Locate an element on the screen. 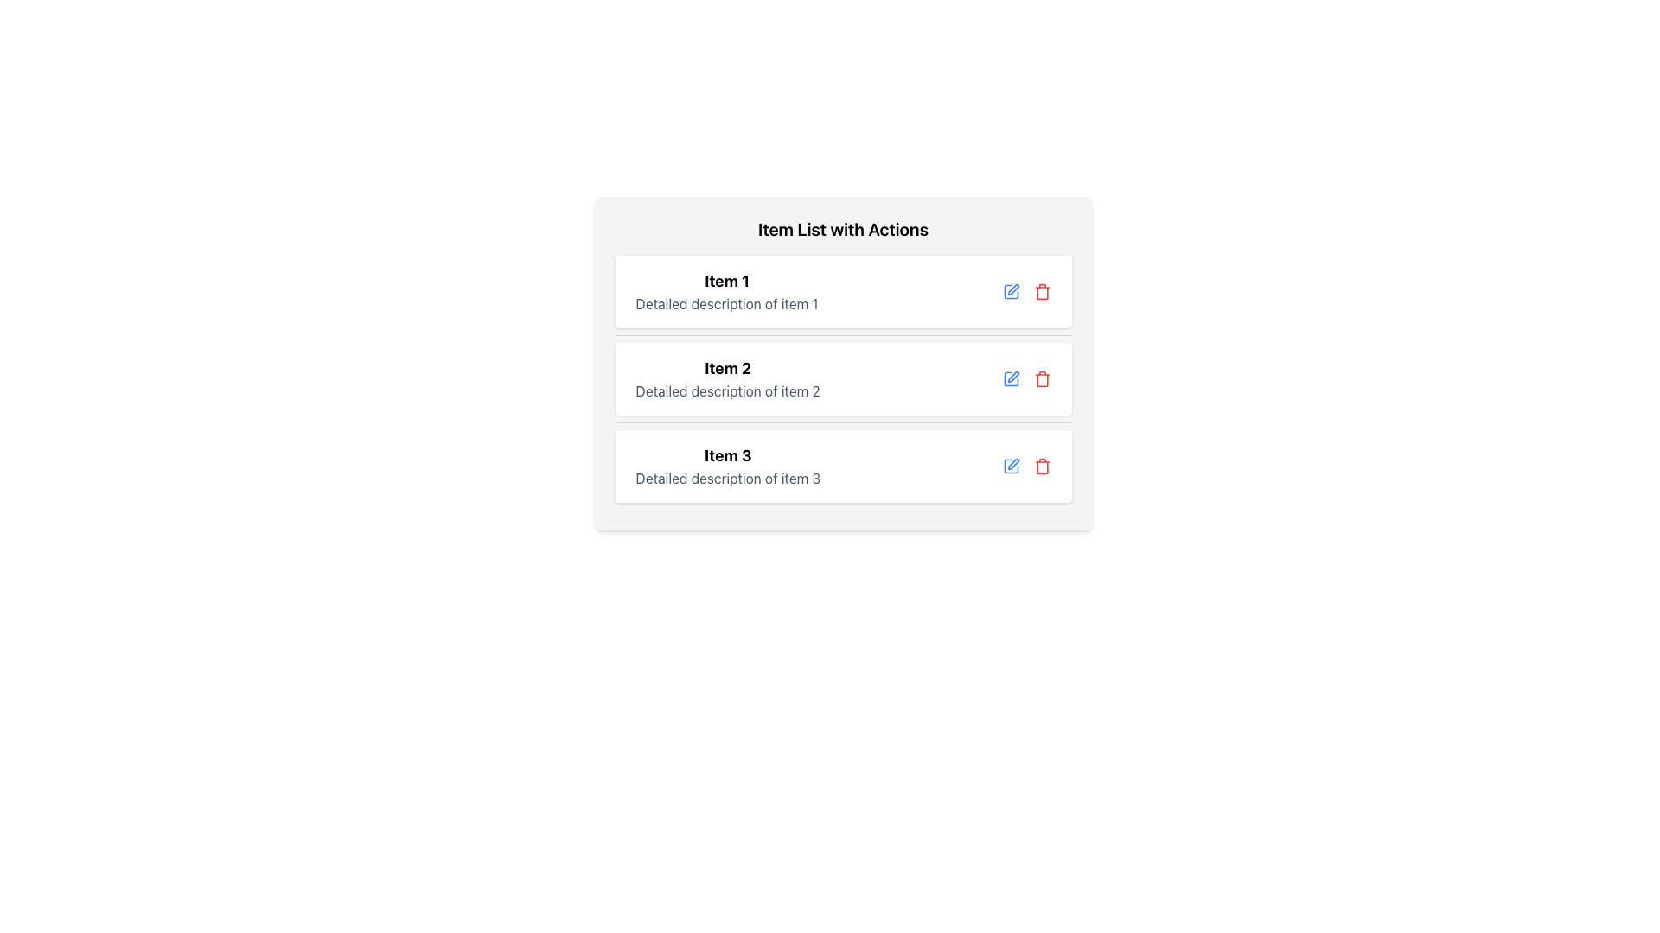  the Text display element that lists 'Item 1' at the top of the vertical list is located at coordinates (726, 291).